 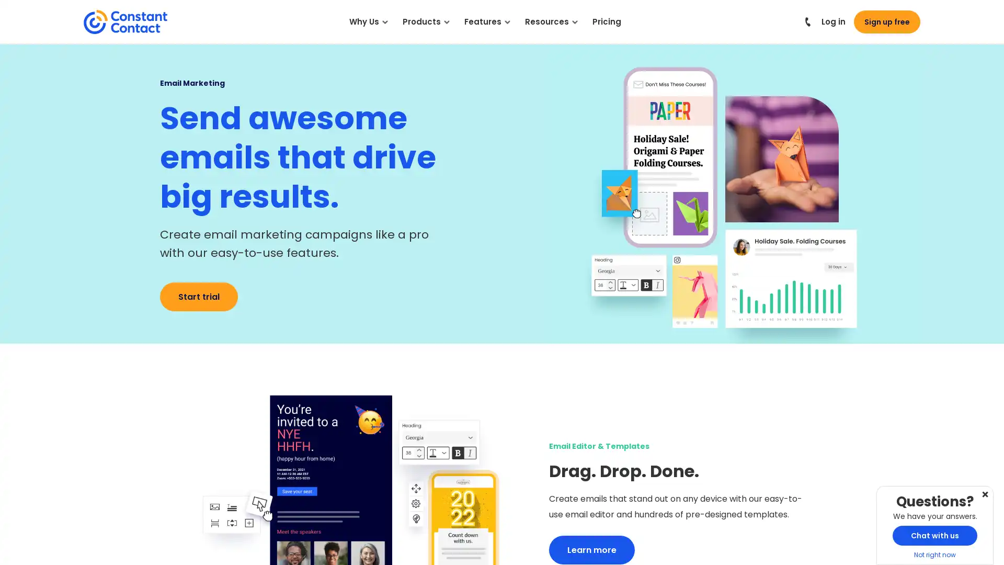 I want to click on Chat with us, so click(x=934, y=535).